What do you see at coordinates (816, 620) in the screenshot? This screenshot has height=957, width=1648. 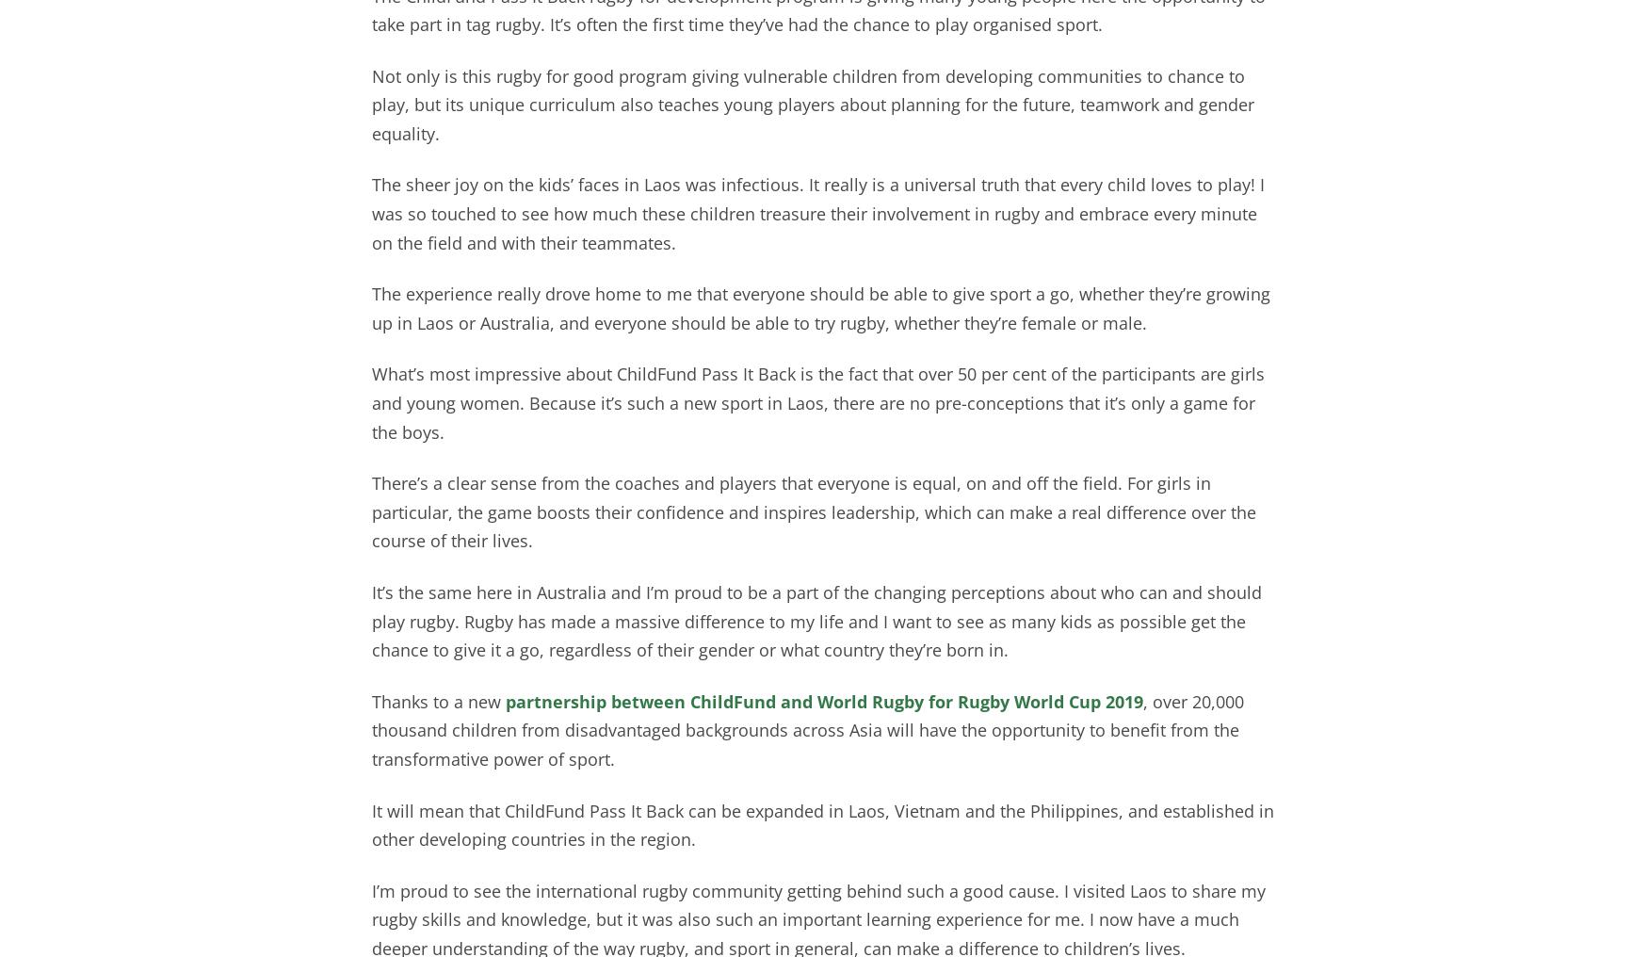 I see `'It’s the same here in Australia and I’m proud to be a part of the changing perceptions about who can and should play rugby. Rugby has made a massive difference to my life and I want to see as many kids as possible get the chance to give it a go, regardless of their gender or what country they’re born in.'` at bounding box center [816, 620].